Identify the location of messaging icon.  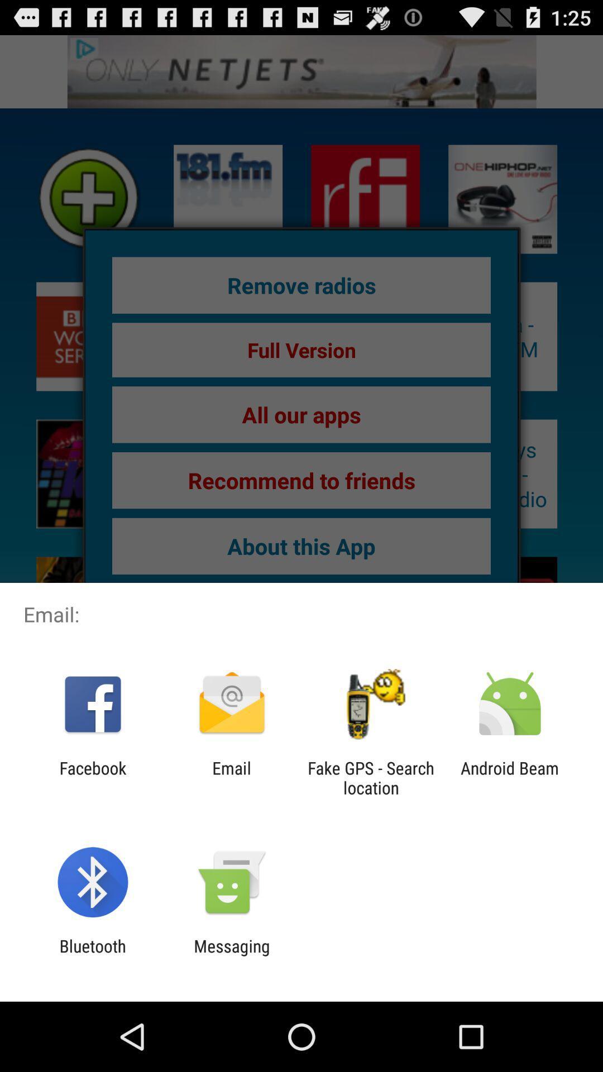
(231, 955).